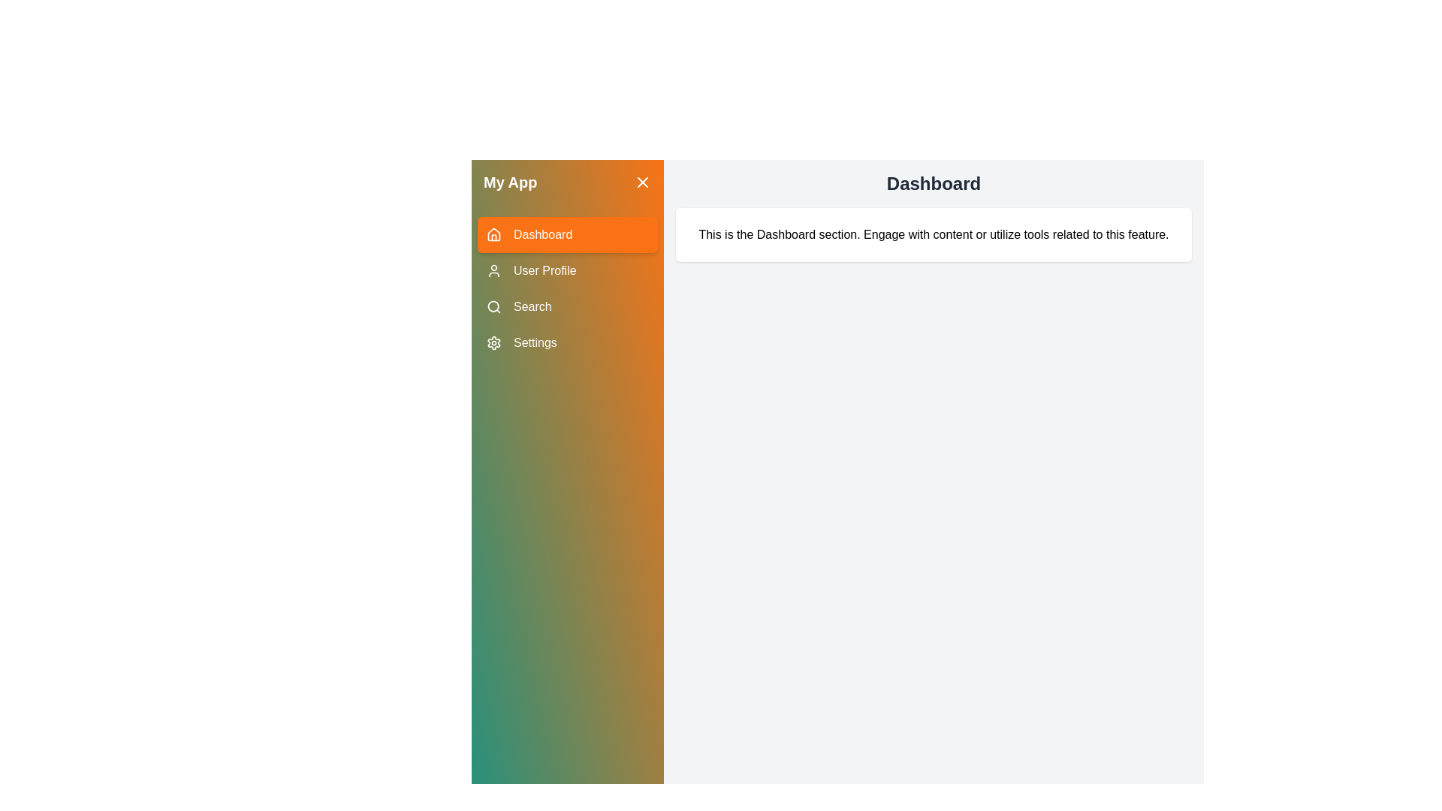 The image size is (1442, 811). Describe the element at coordinates (566, 234) in the screenshot. I see `the menu item labeled Dashboard to change the active section` at that location.